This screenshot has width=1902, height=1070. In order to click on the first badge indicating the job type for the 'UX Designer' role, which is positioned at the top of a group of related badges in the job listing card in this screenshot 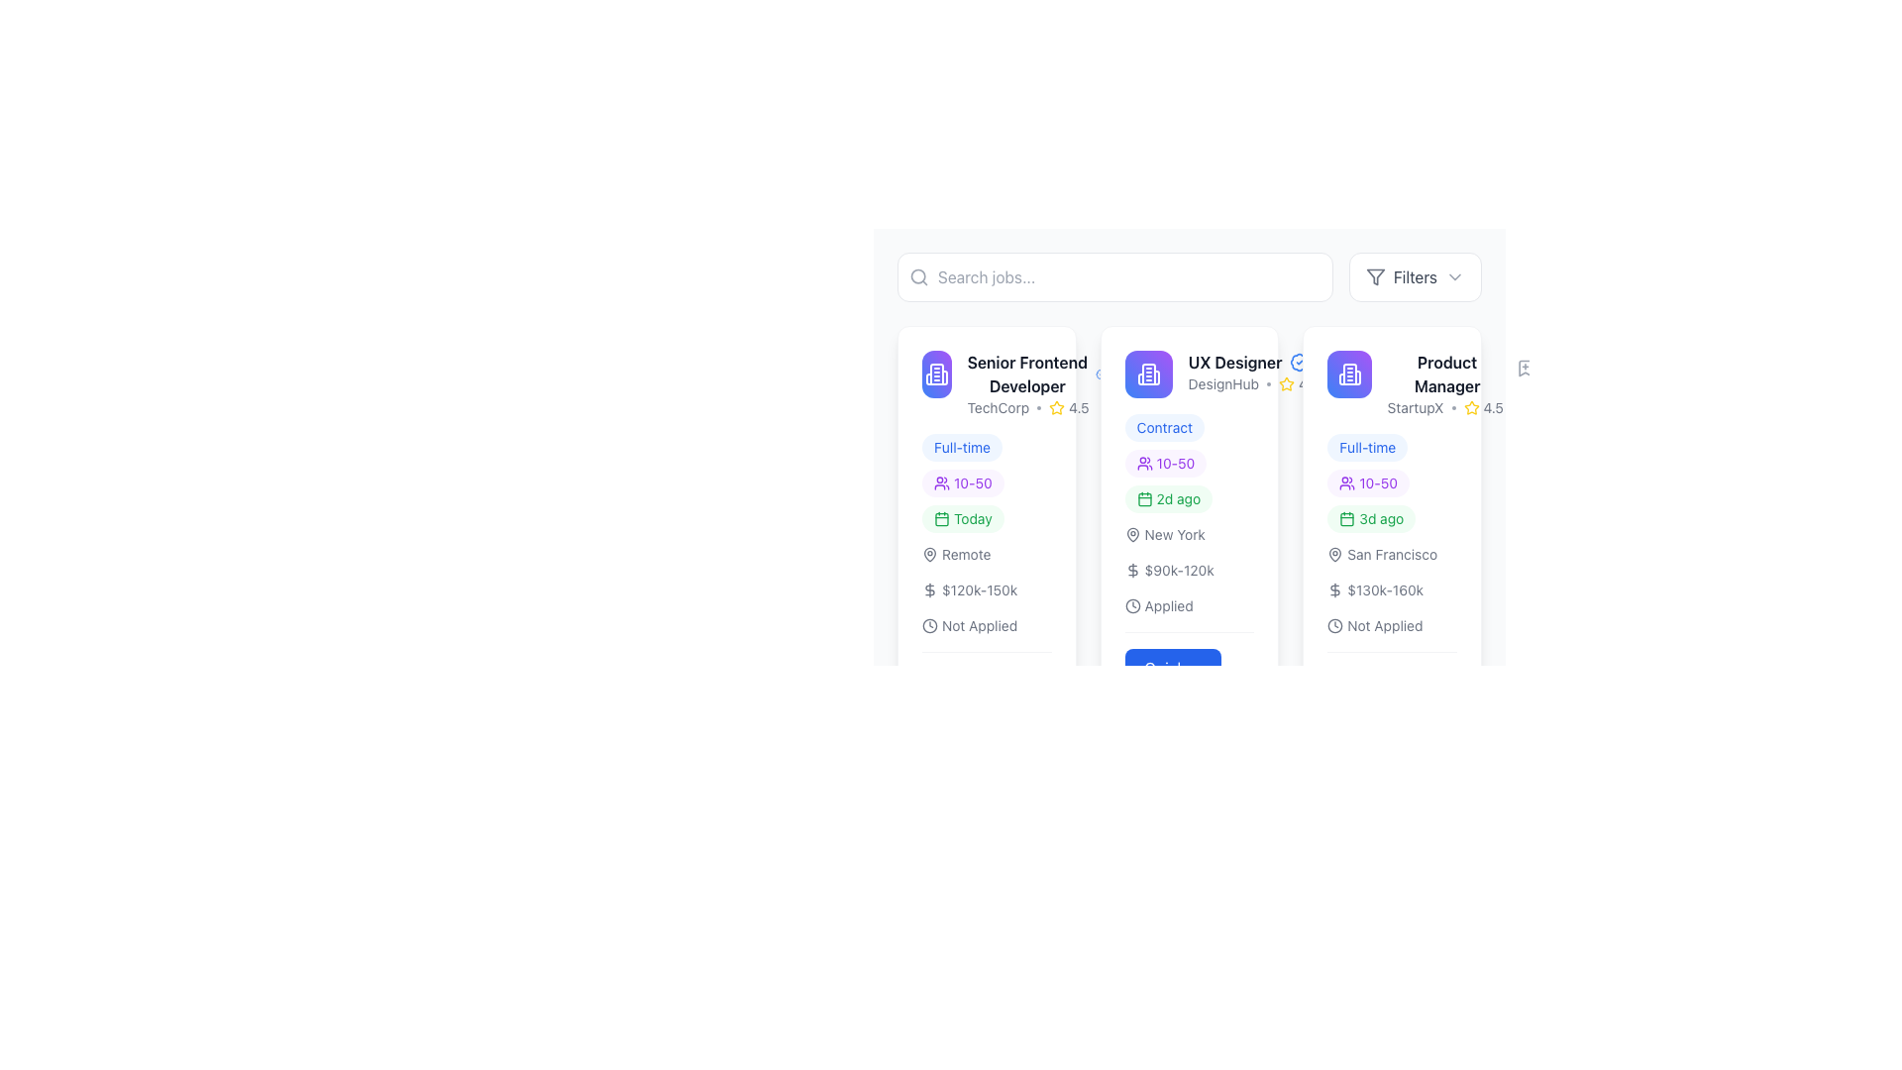, I will do `click(1164, 427)`.